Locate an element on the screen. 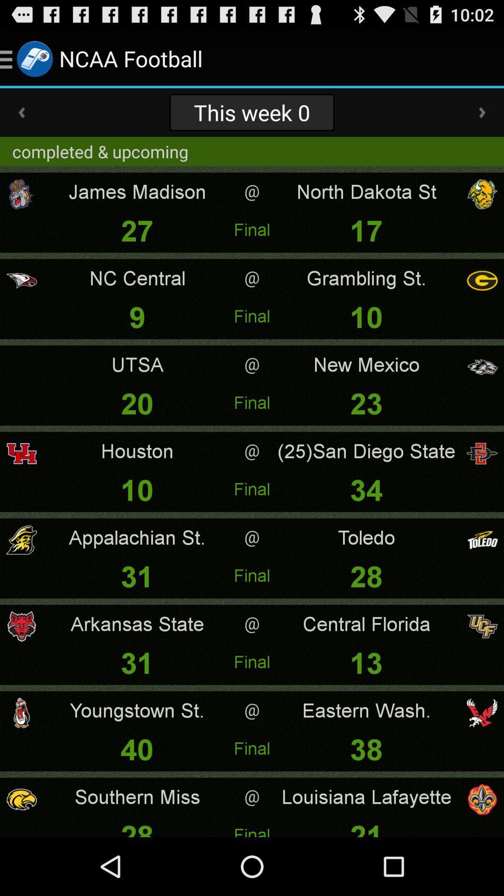 The width and height of the screenshot is (504, 896). the app to the left of this week 0 app is located at coordinates (21, 112).